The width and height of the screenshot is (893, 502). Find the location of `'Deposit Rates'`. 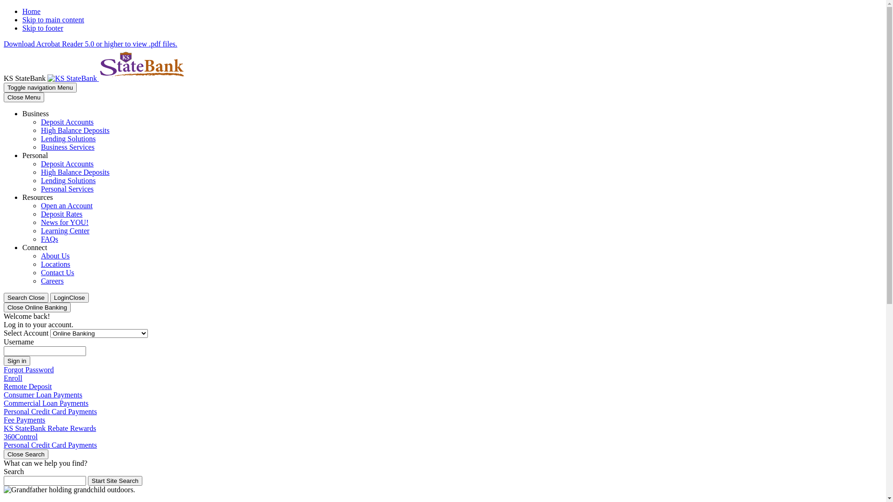

'Deposit Rates' is located at coordinates (40, 214).